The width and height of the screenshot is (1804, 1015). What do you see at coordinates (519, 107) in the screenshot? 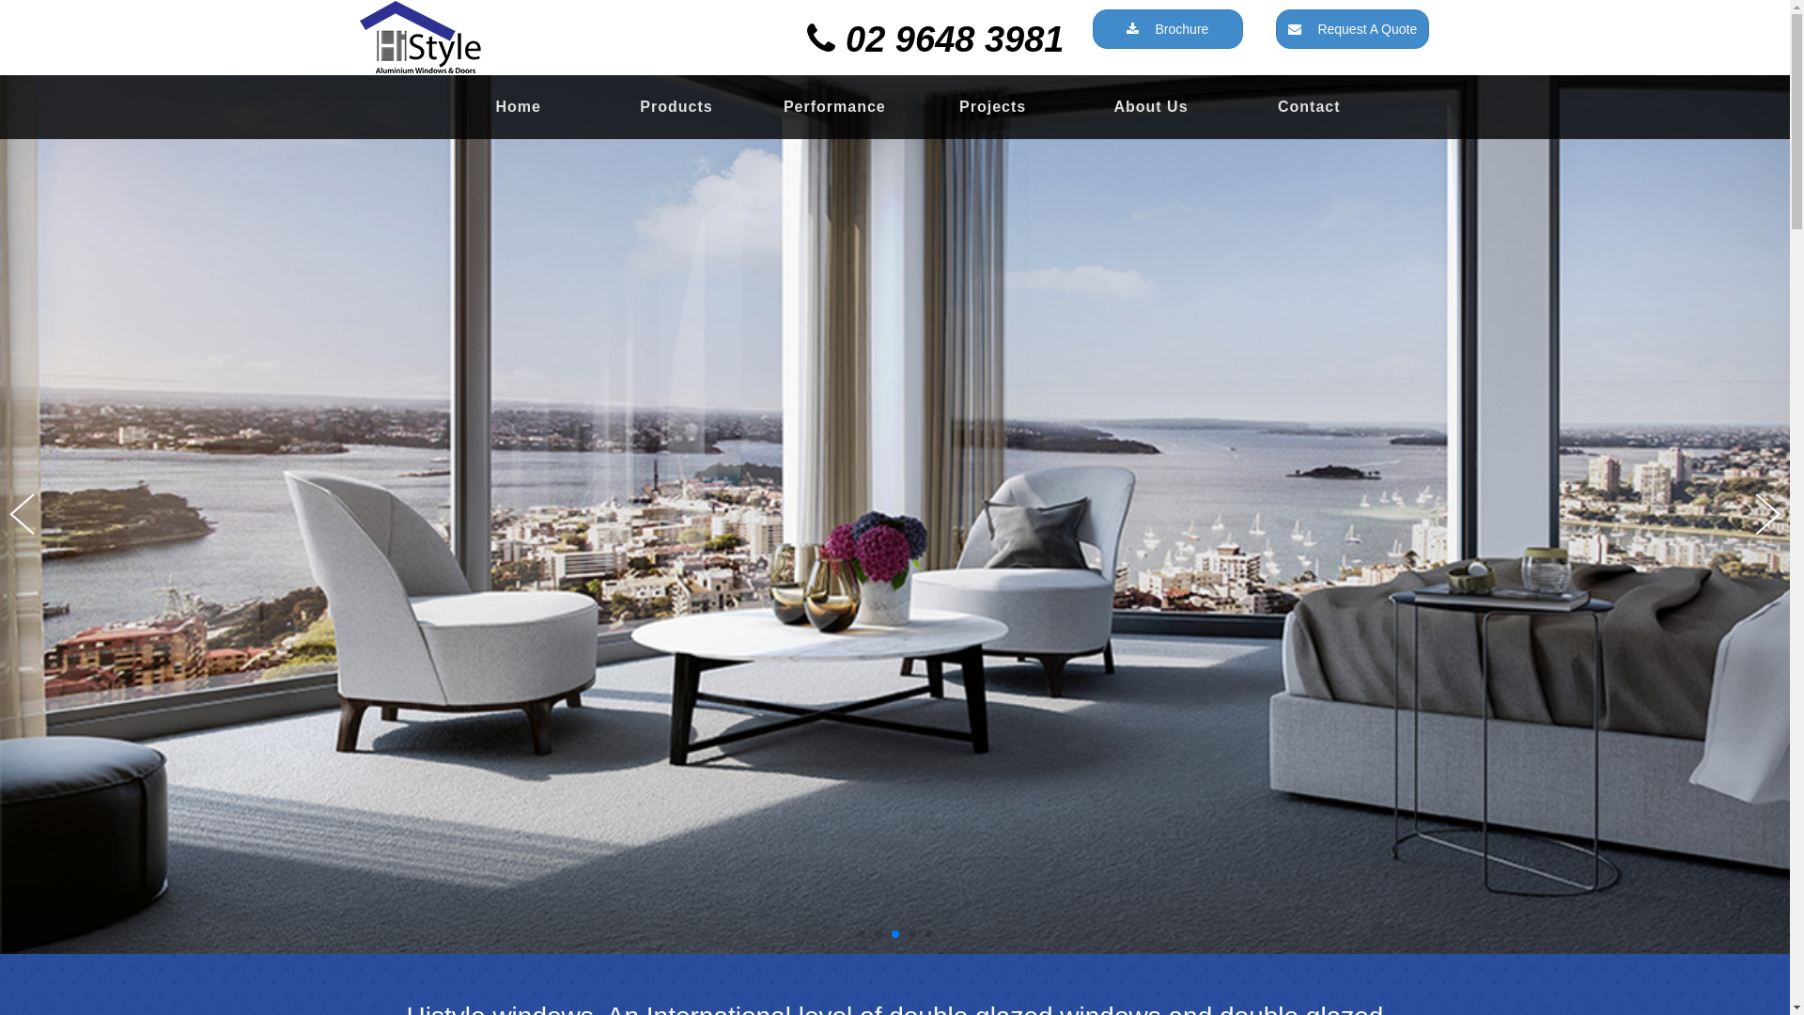
I see `'Home'` at bounding box center [519, 107].